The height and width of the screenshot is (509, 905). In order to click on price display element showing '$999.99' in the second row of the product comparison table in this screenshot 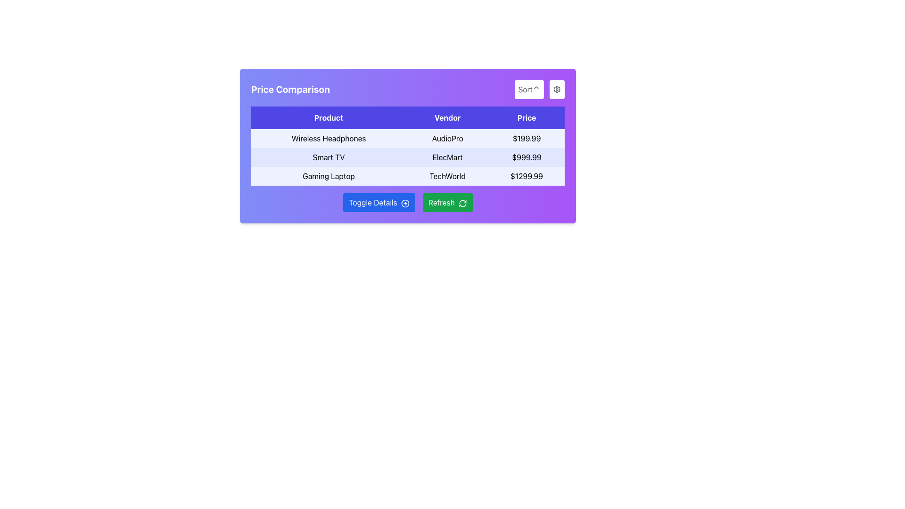, I will do `click(526, 157)`.